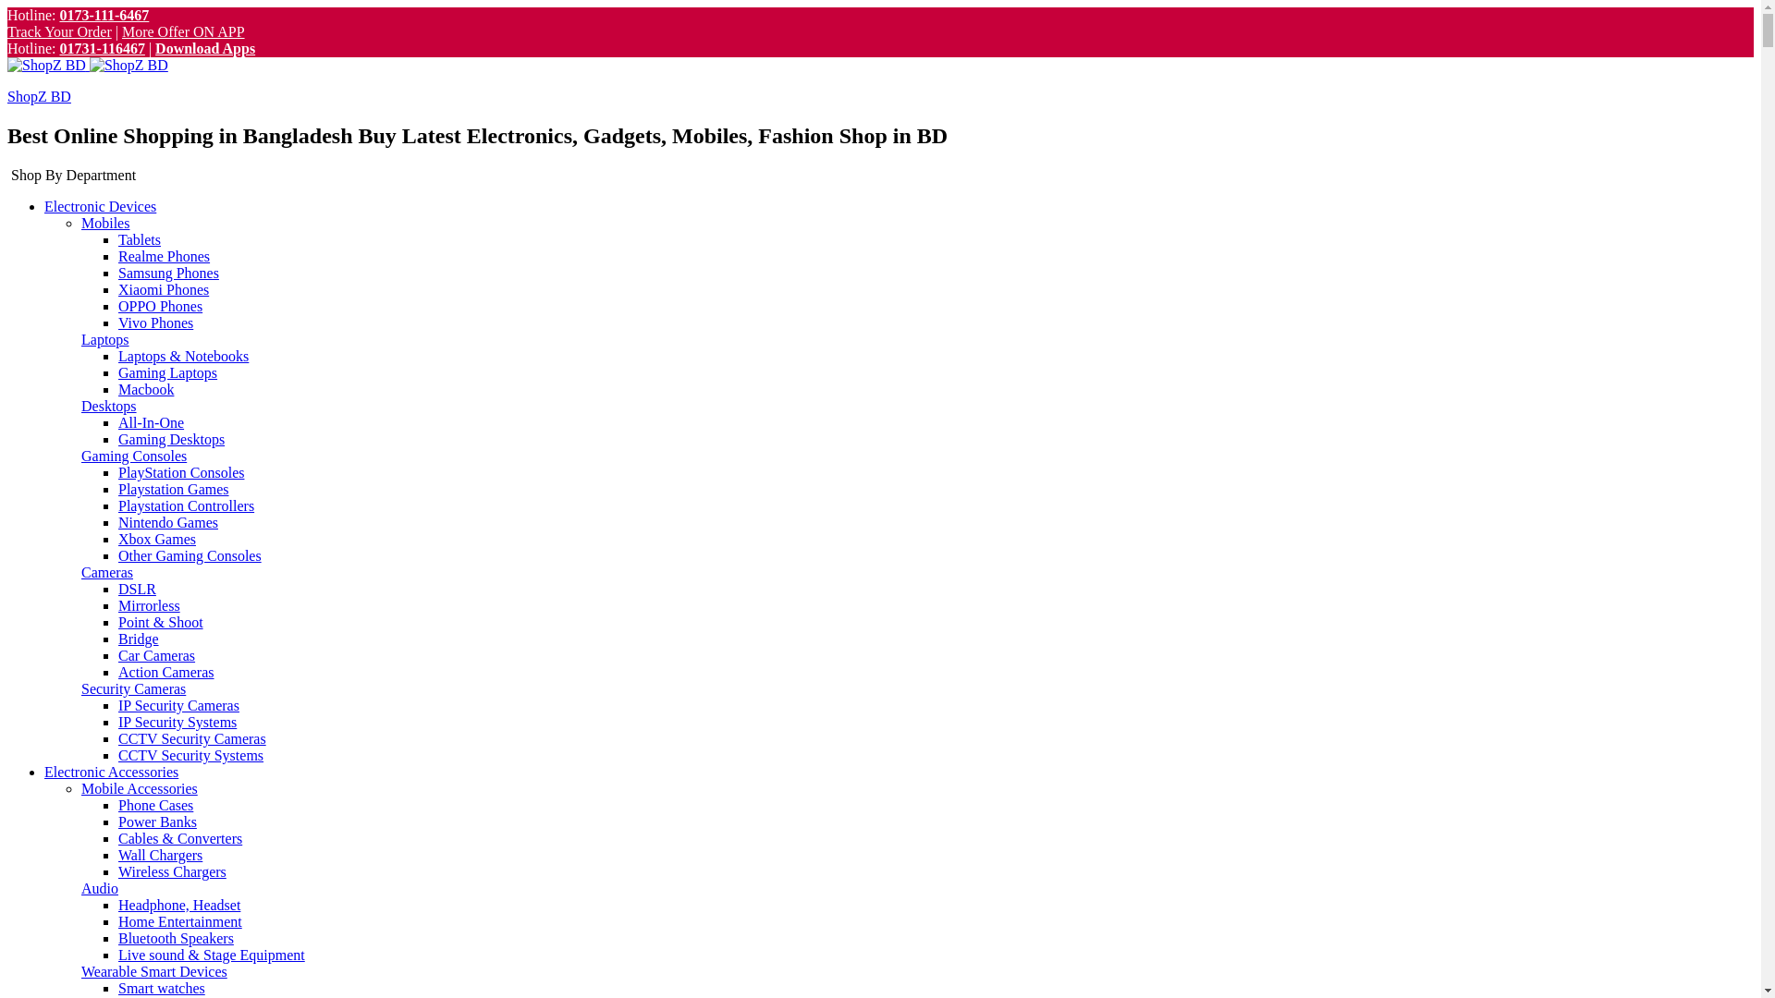  I want to click on 'Action Cameras', so click(166, 672).